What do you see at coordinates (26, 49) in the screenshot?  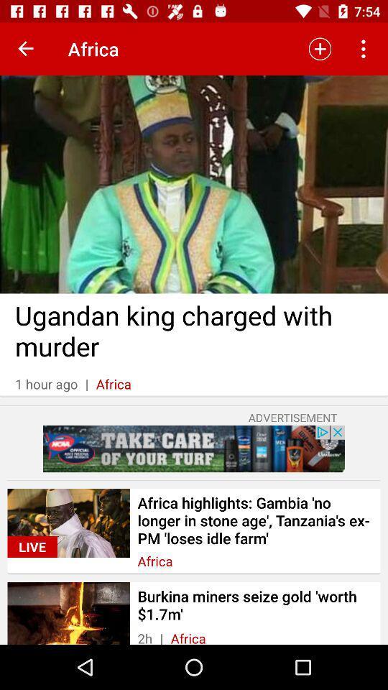 I see `go back` at bounding box center [26, 49].